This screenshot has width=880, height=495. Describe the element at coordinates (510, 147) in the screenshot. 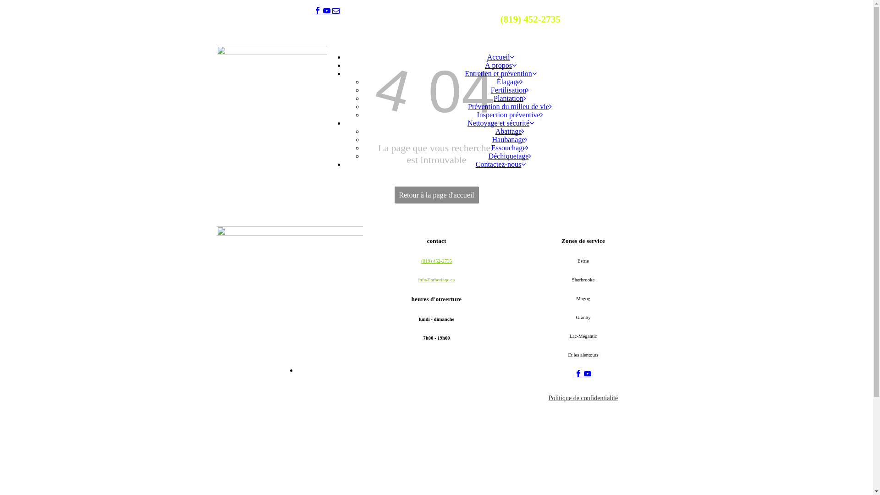

I see `'Essouchage'` at that location.